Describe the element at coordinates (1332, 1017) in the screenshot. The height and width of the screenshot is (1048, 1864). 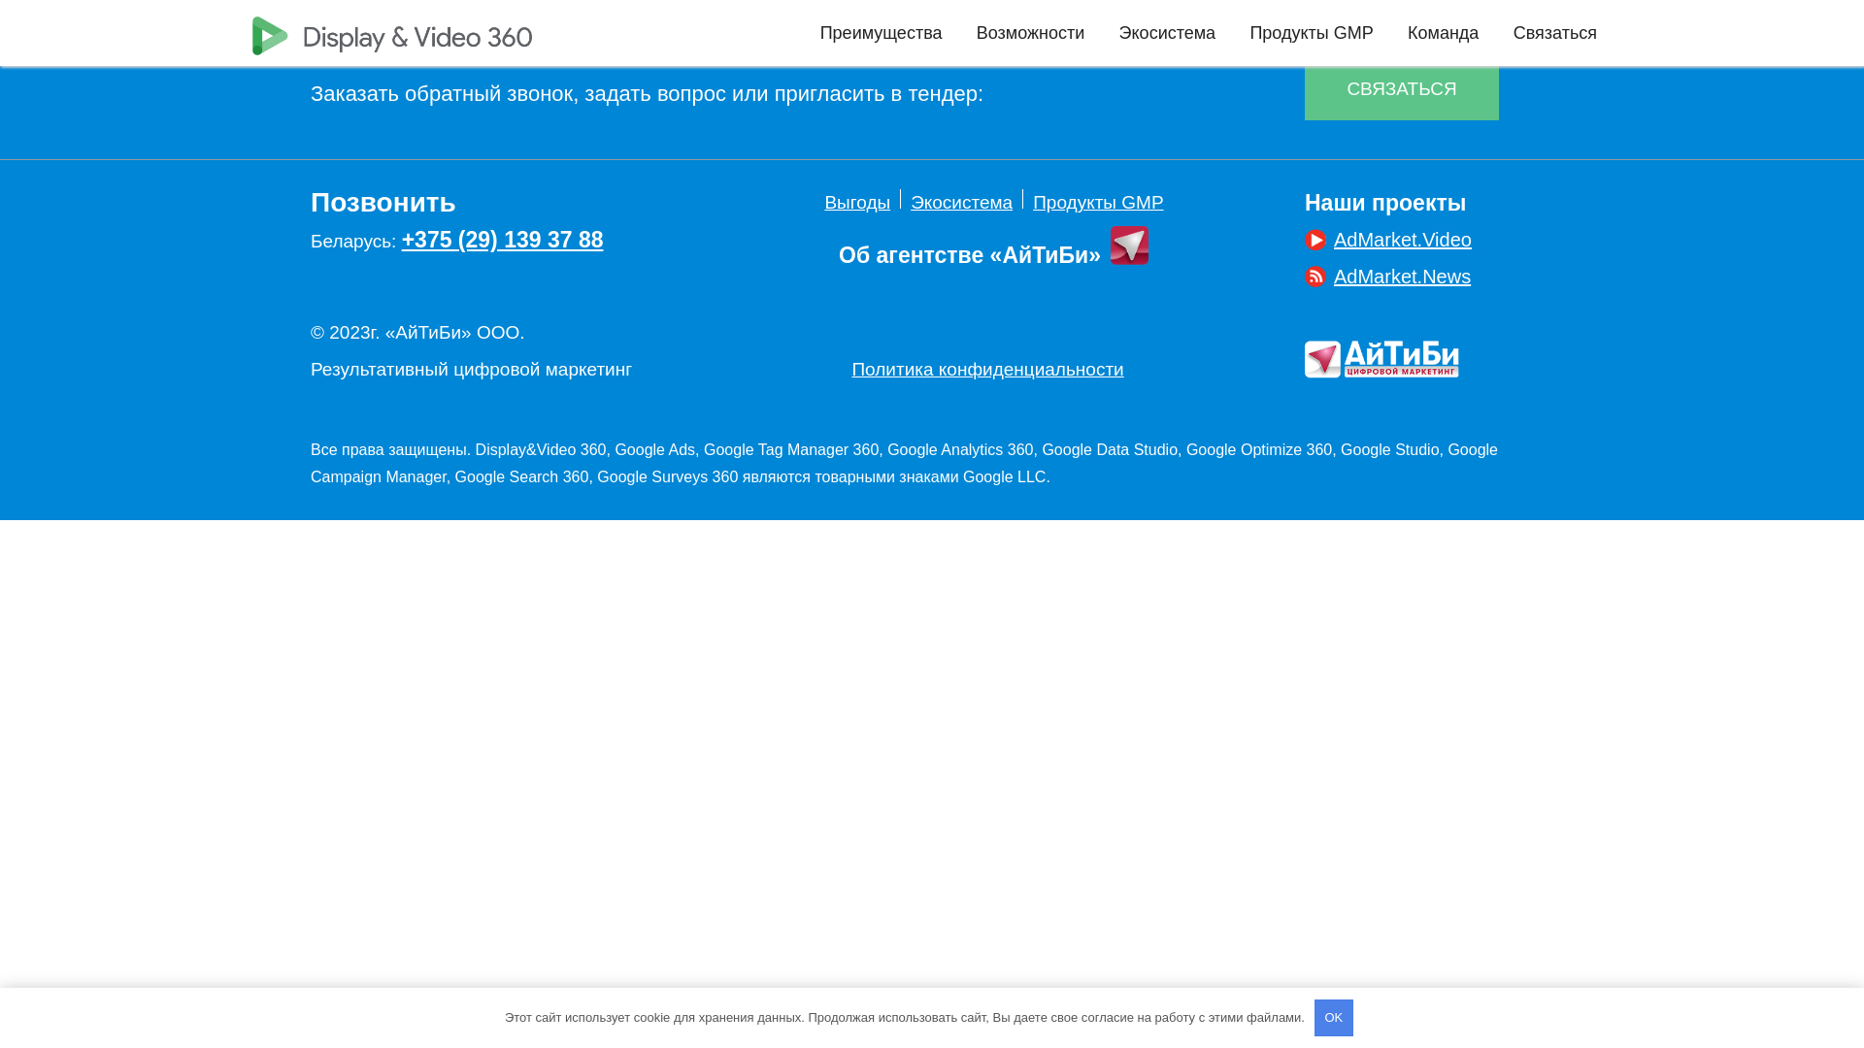
I see `'OK'` at that location.